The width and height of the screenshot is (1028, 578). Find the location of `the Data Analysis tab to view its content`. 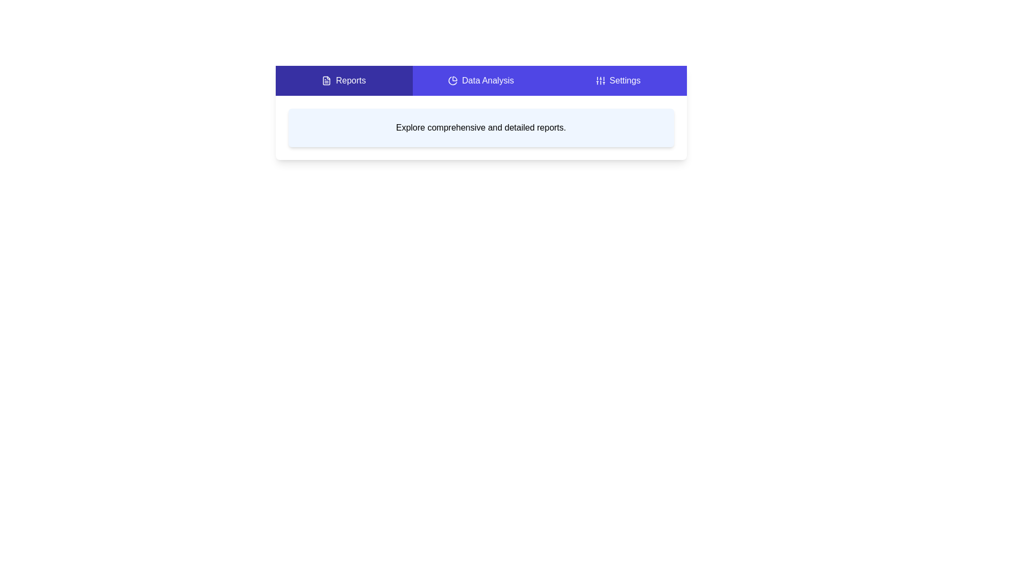

the Data Analysis tab to view its content is located at coordinates (480, 80).